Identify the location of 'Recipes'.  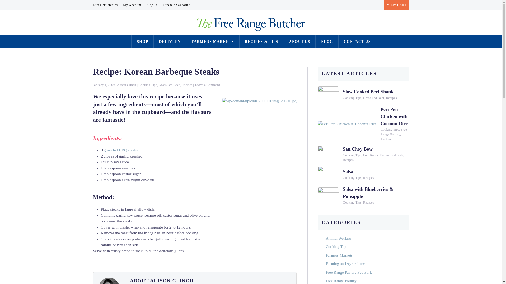
(187, 84).